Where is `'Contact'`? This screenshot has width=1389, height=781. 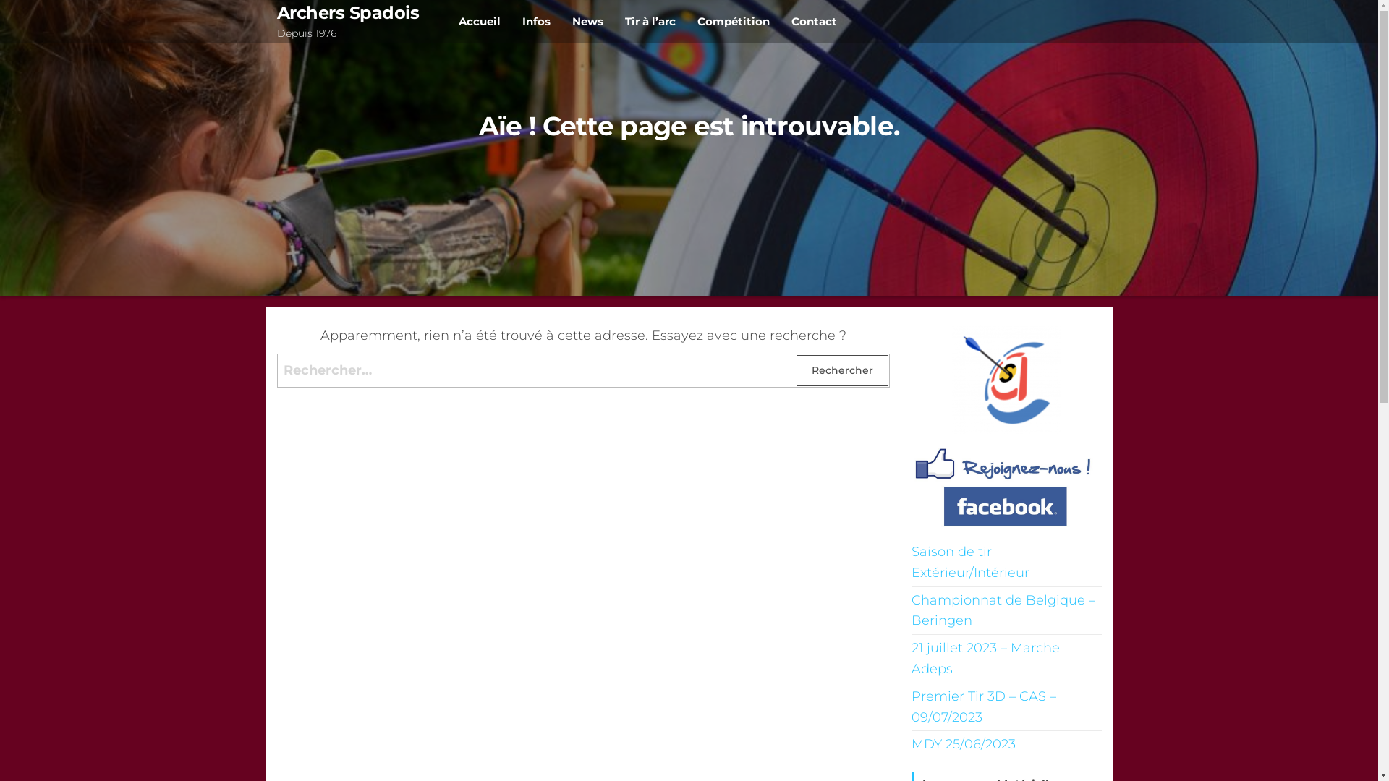
'Contact' is located at coordinates (814, 22).